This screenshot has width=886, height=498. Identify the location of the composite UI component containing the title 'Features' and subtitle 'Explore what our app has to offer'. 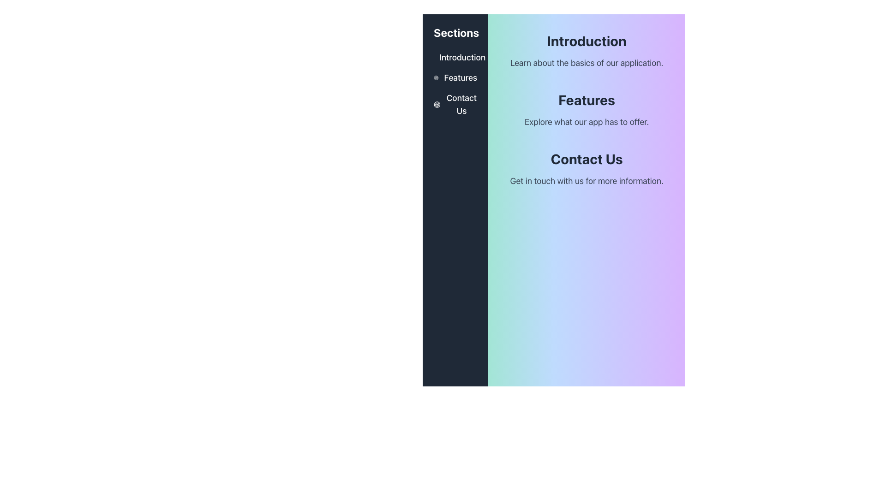
(586, 110).